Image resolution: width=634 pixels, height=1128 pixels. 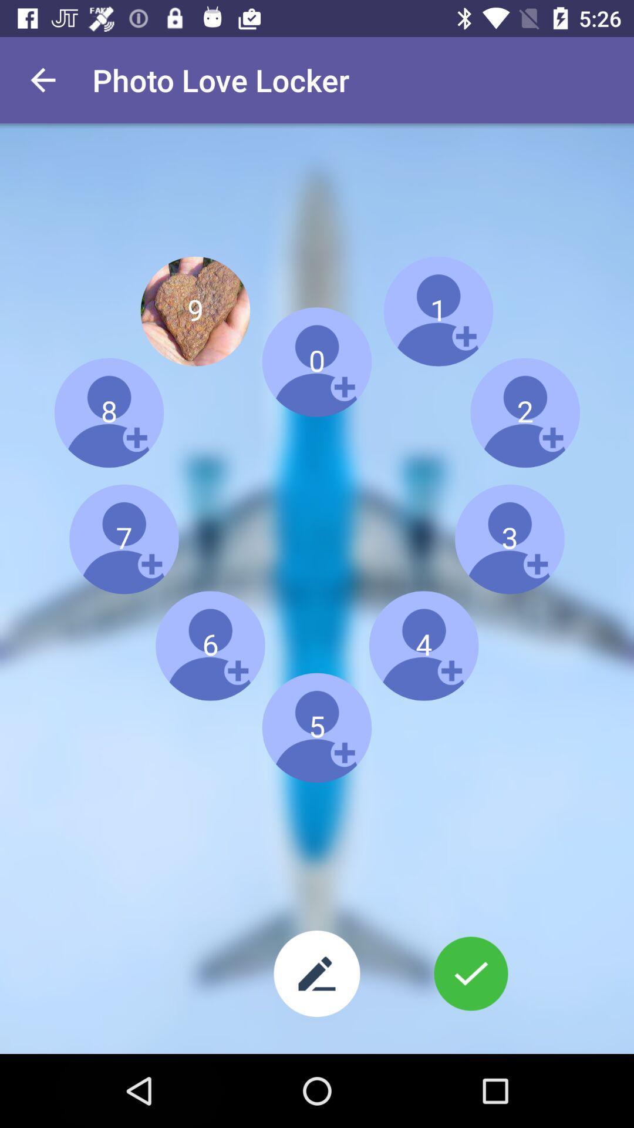 What do you see at coordinates (317, 973) in the screenshot?
I see `text` at bounding box center [317, 973].